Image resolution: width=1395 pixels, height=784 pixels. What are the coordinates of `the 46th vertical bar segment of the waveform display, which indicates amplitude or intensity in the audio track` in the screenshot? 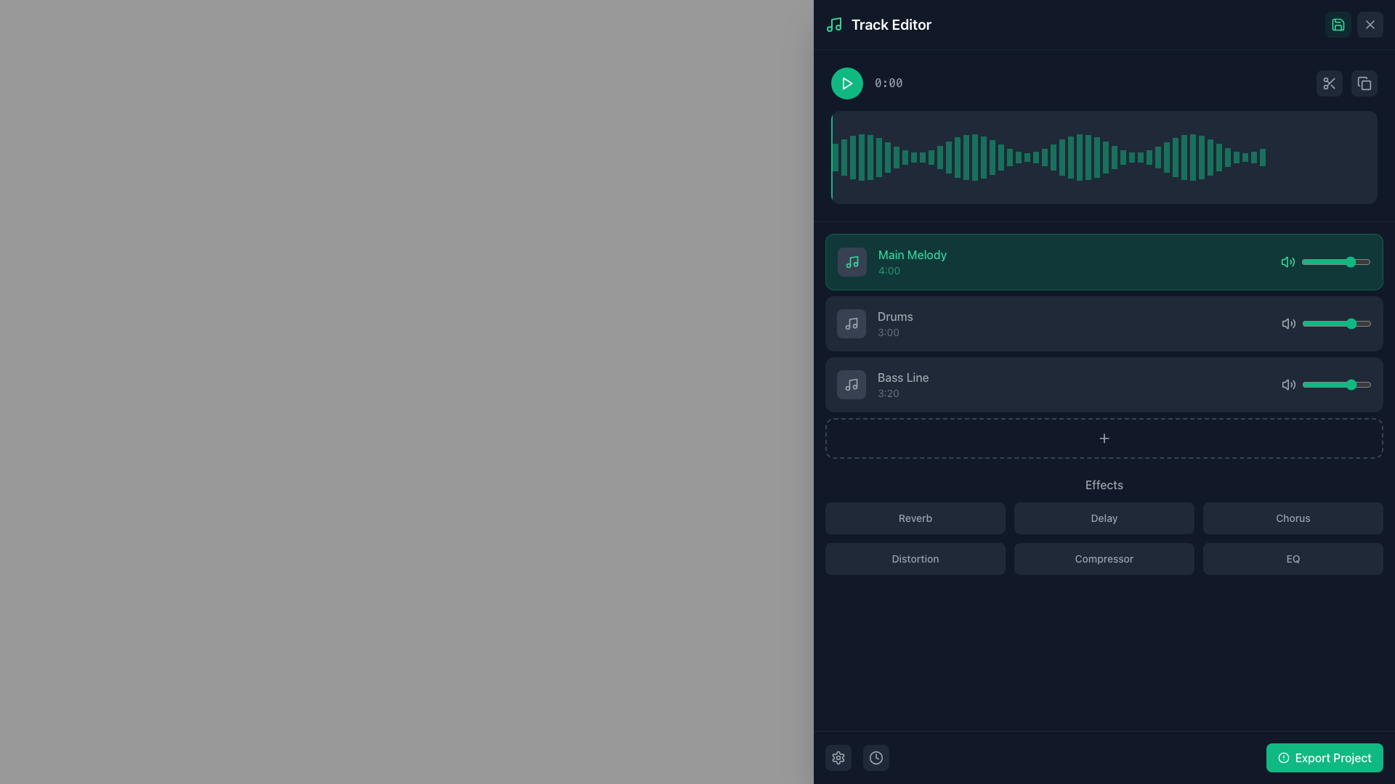 It's located at (1167, 157).